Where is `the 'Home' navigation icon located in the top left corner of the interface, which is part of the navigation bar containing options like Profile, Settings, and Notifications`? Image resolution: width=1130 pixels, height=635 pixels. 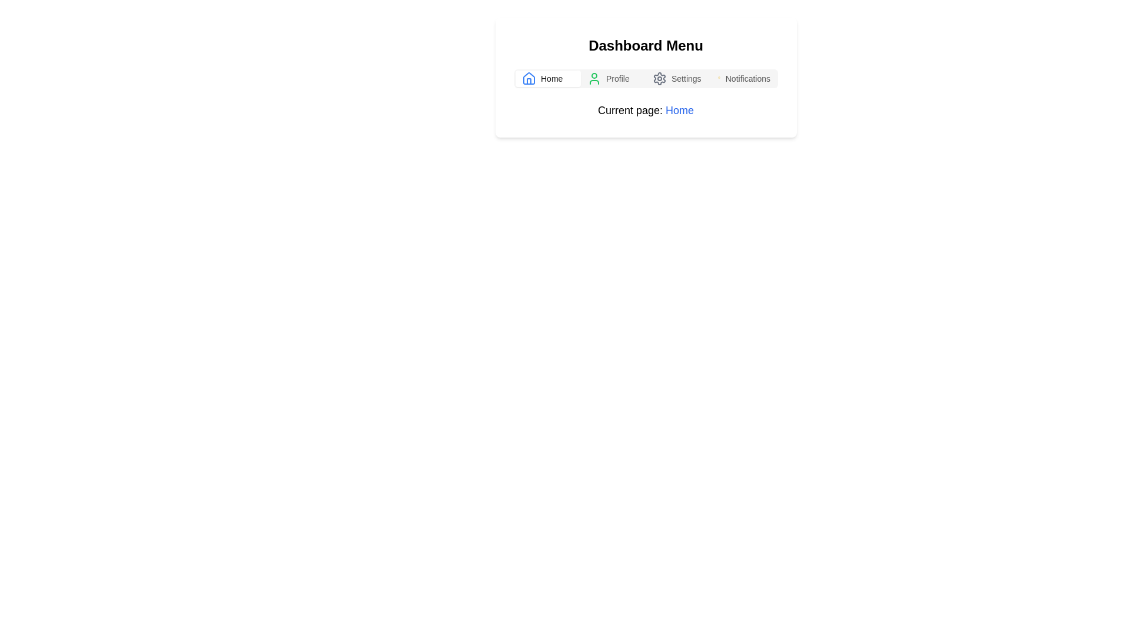
the 'Home' navigation icon located in the top left corner of the interface, which is part of the navigation bar containing options like Profile, Settings, and Notifications is located at coordinates (528, 78).